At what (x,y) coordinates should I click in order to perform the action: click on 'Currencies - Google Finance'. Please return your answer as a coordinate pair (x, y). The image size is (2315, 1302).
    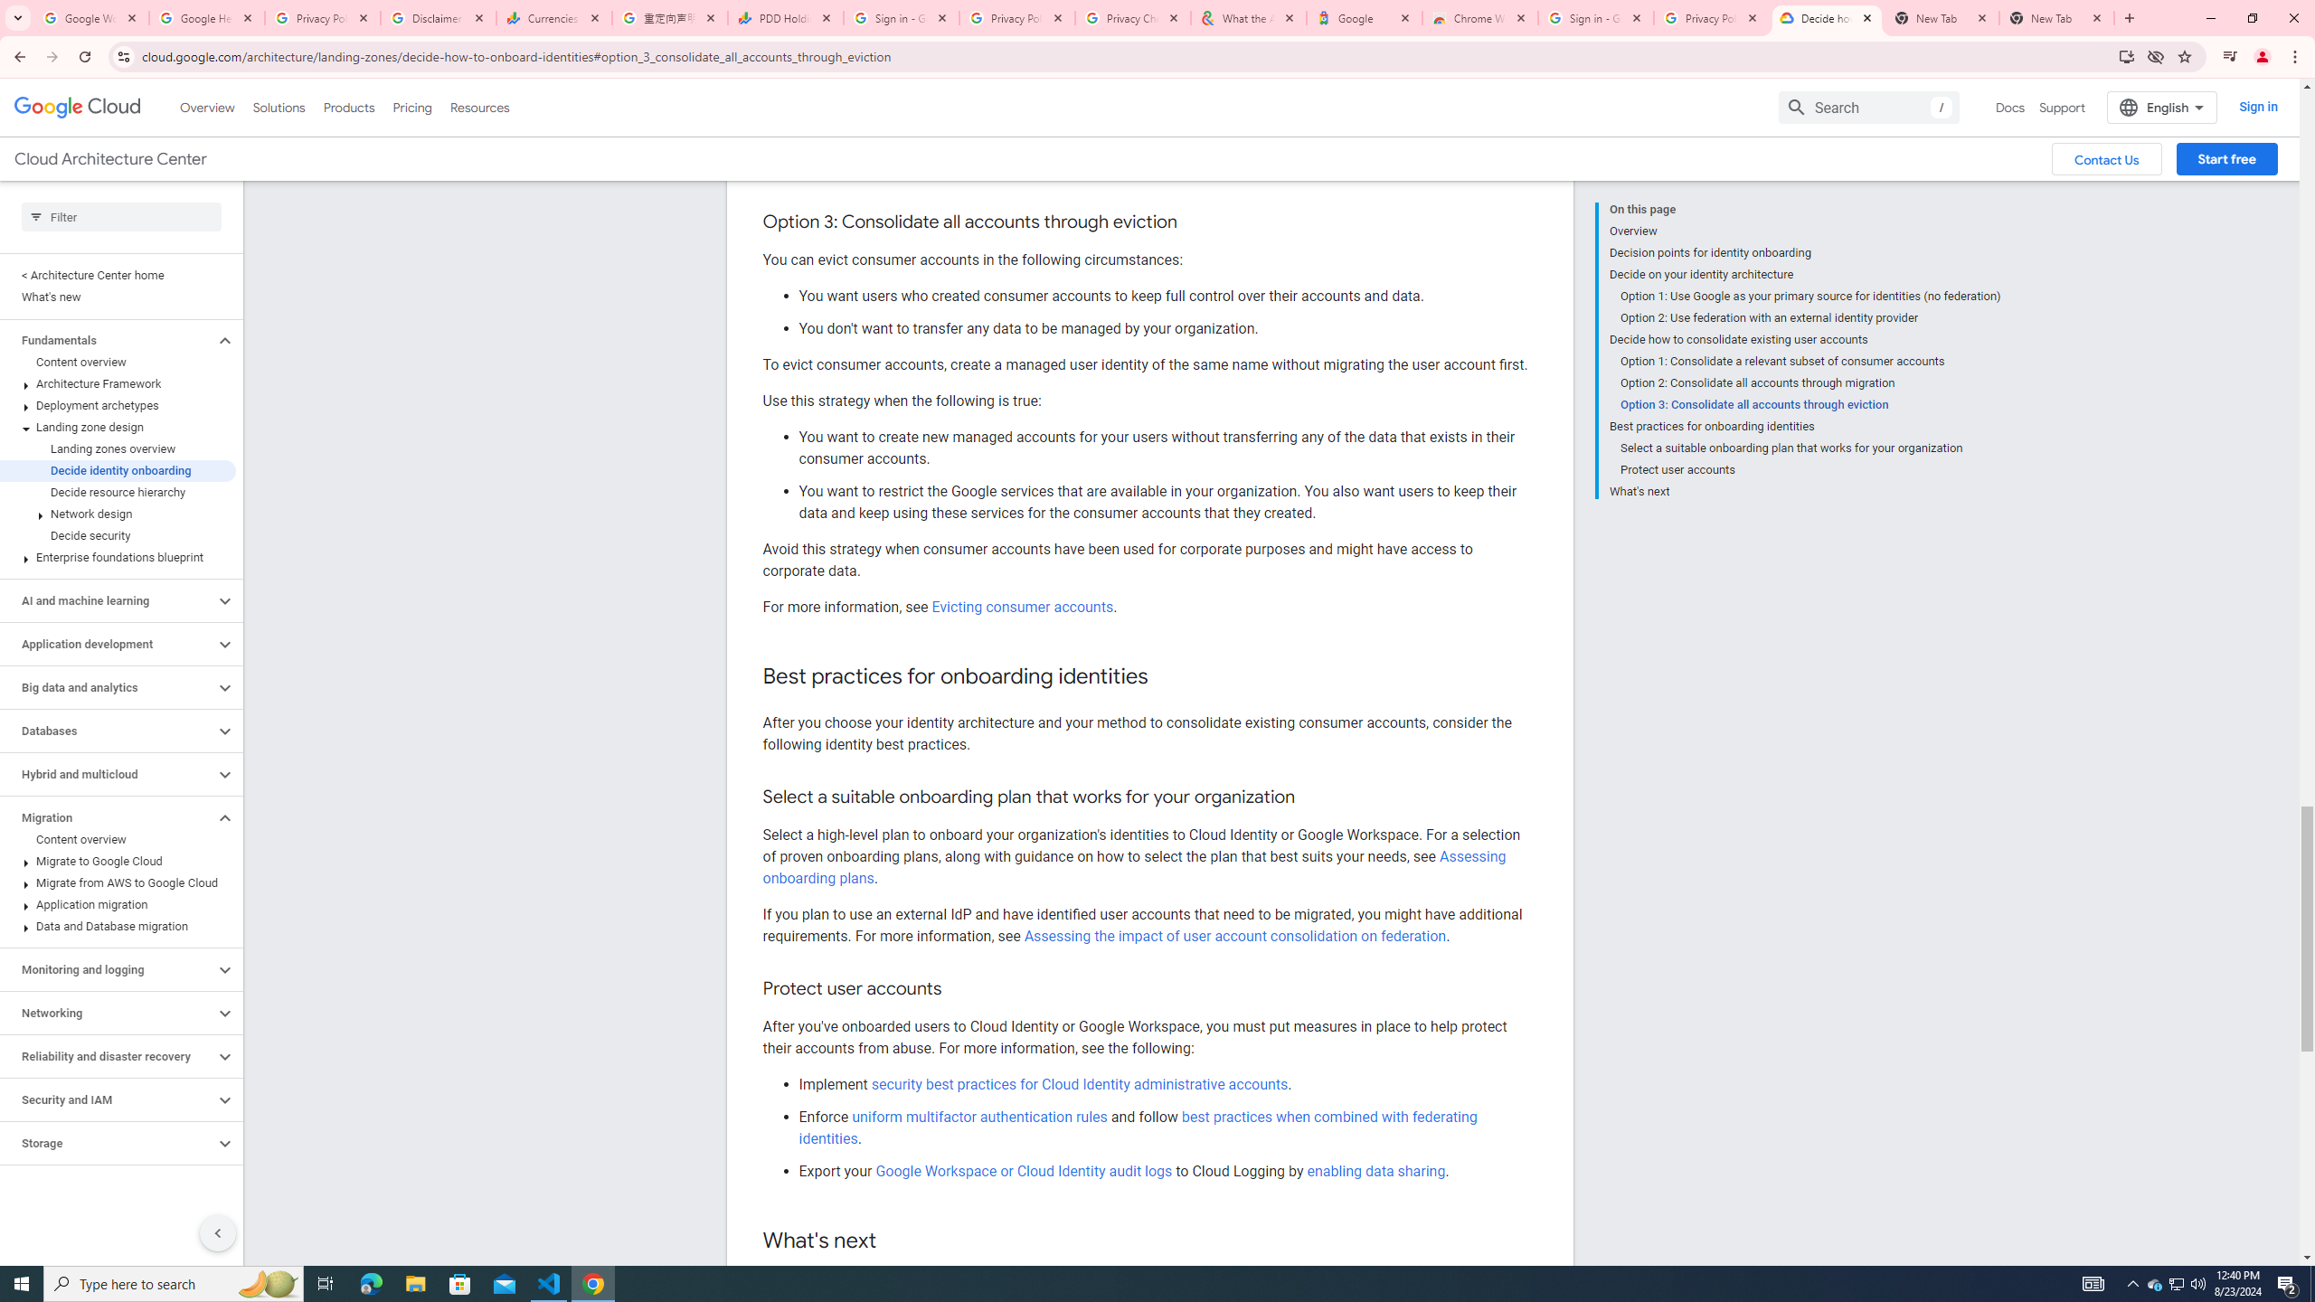
    Looking at the image, I should click on (553, 17).